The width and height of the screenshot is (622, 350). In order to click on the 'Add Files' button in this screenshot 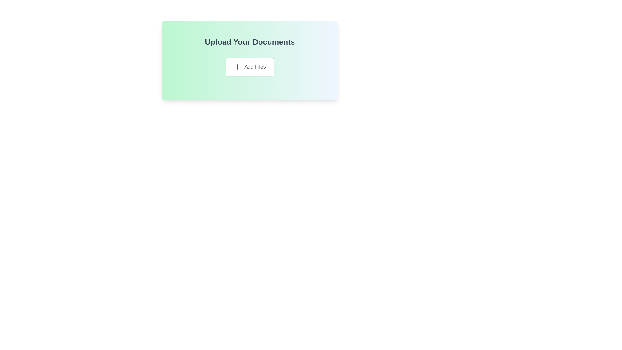, I will do `click(249, 67)`.